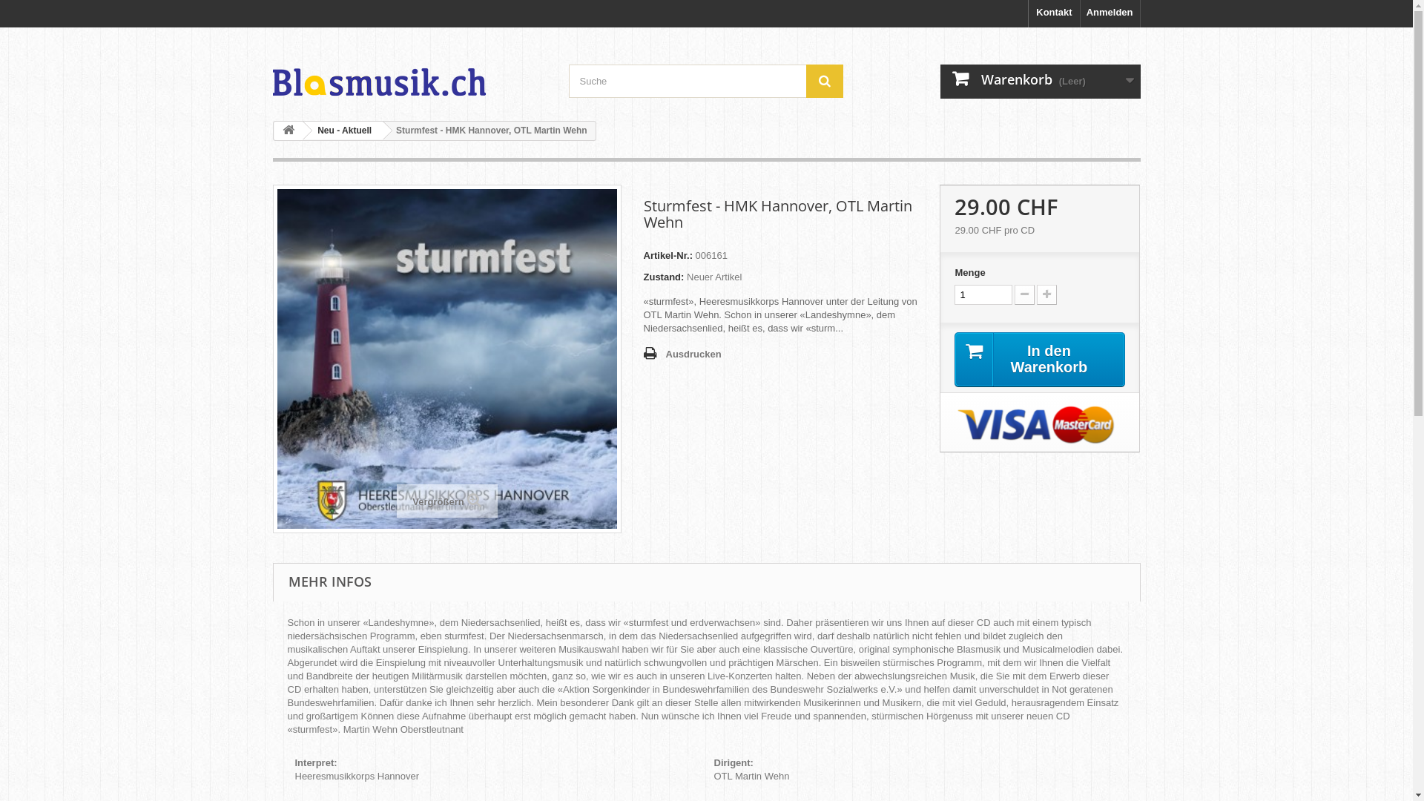  I want to click on 'Neu - Aktuell', so click(340, 130).